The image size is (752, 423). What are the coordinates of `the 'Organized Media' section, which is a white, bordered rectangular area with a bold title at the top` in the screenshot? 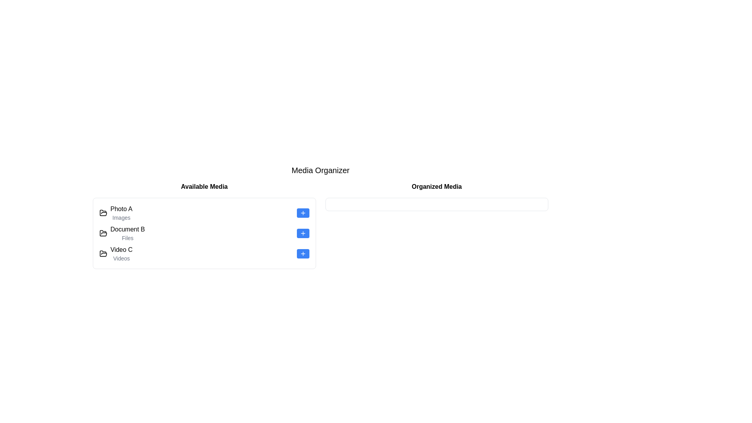 It's located at (436, 225).